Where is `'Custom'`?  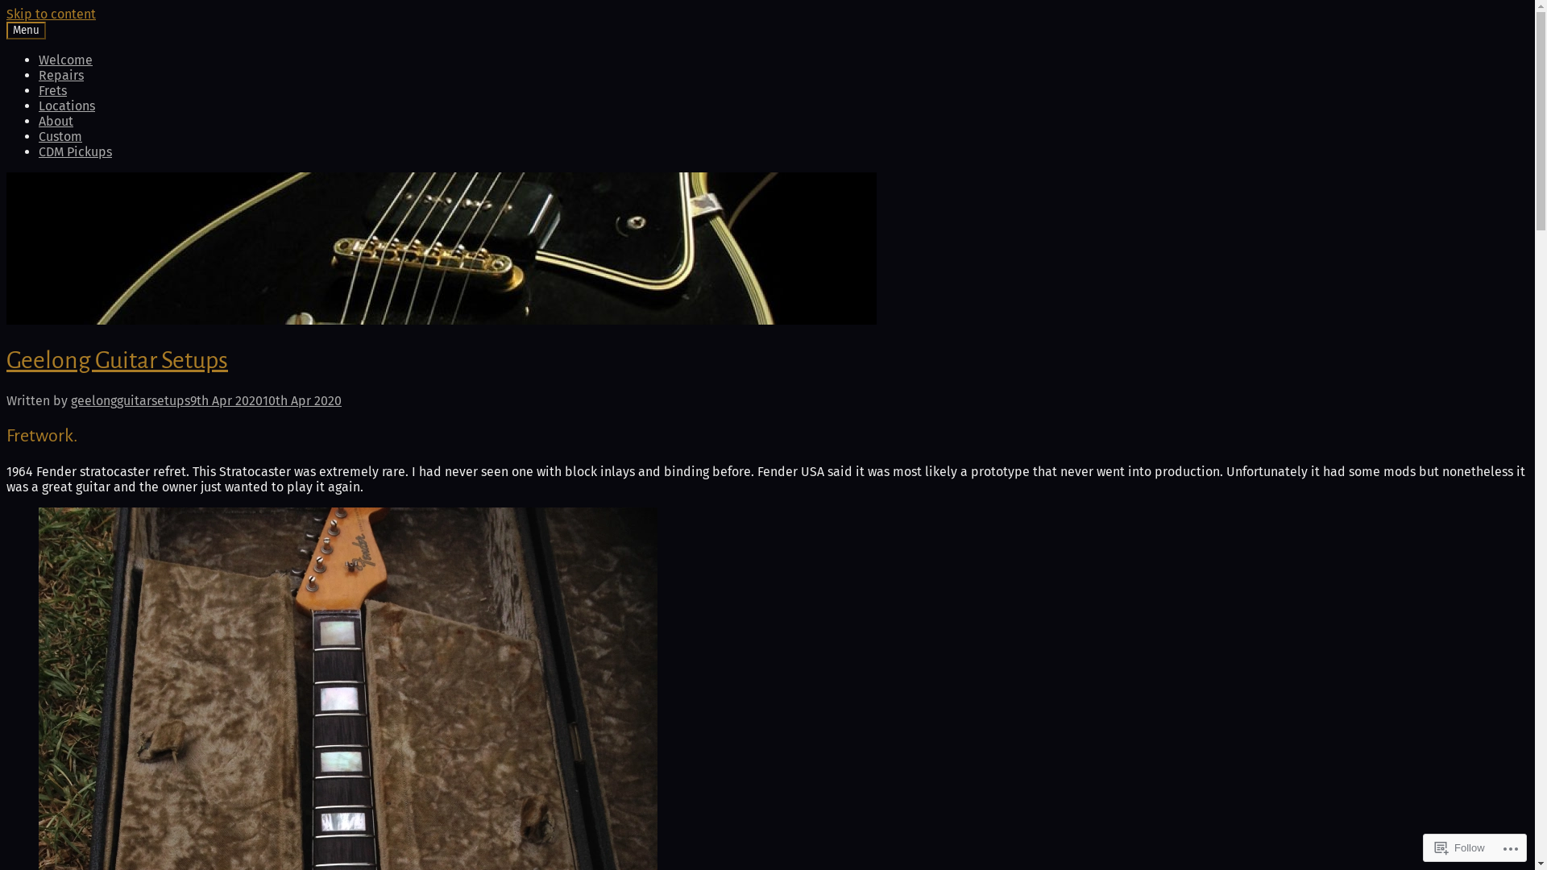 'Custom' is located at coordinates (60, 135).